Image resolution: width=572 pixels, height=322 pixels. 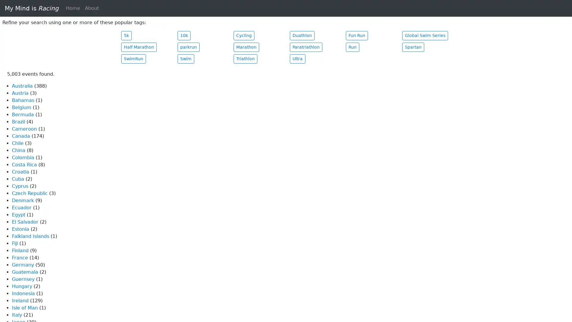 What do you see at coordinates (306, 47) in the screenshot?
I see `Paratriathlon` at bounding box center [306, 47].